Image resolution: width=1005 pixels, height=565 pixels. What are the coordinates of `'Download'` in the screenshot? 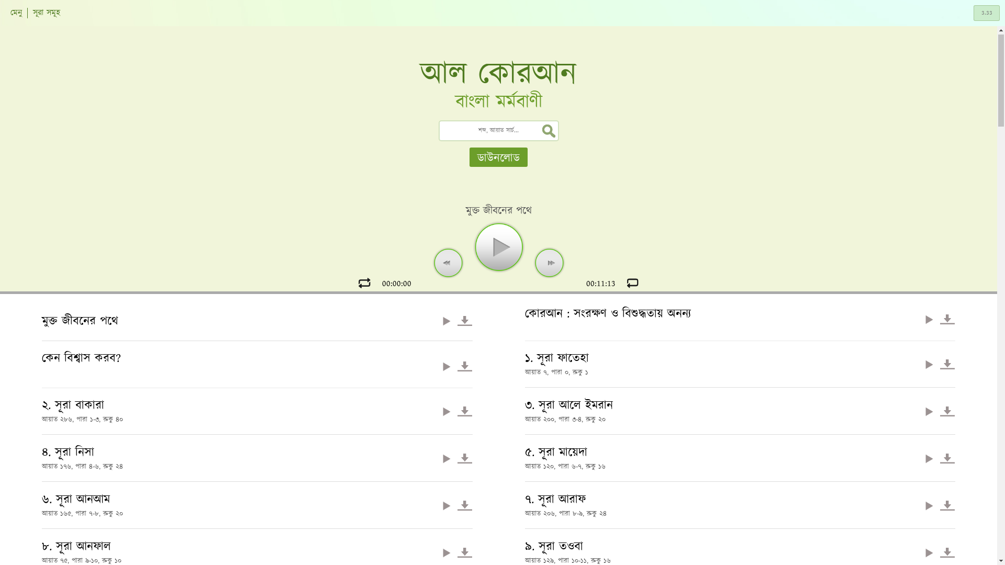 It's located at (464, 458).